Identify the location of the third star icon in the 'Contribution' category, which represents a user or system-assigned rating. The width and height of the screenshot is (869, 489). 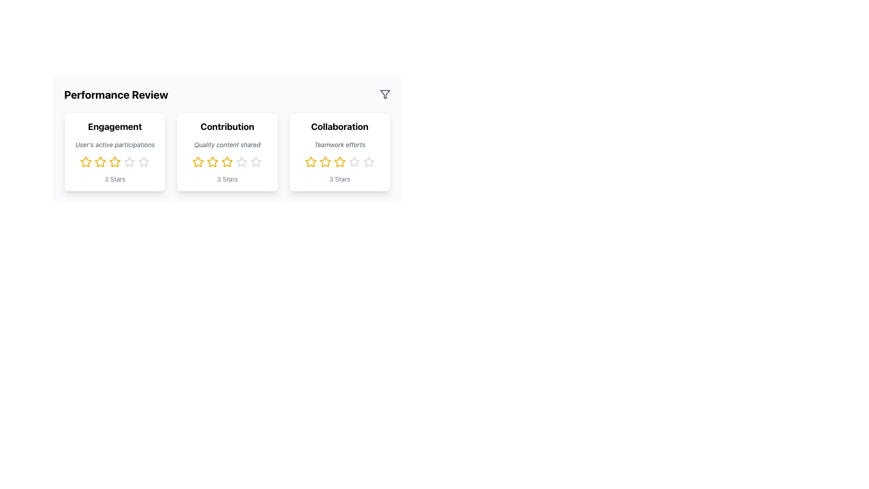
(227, 161).